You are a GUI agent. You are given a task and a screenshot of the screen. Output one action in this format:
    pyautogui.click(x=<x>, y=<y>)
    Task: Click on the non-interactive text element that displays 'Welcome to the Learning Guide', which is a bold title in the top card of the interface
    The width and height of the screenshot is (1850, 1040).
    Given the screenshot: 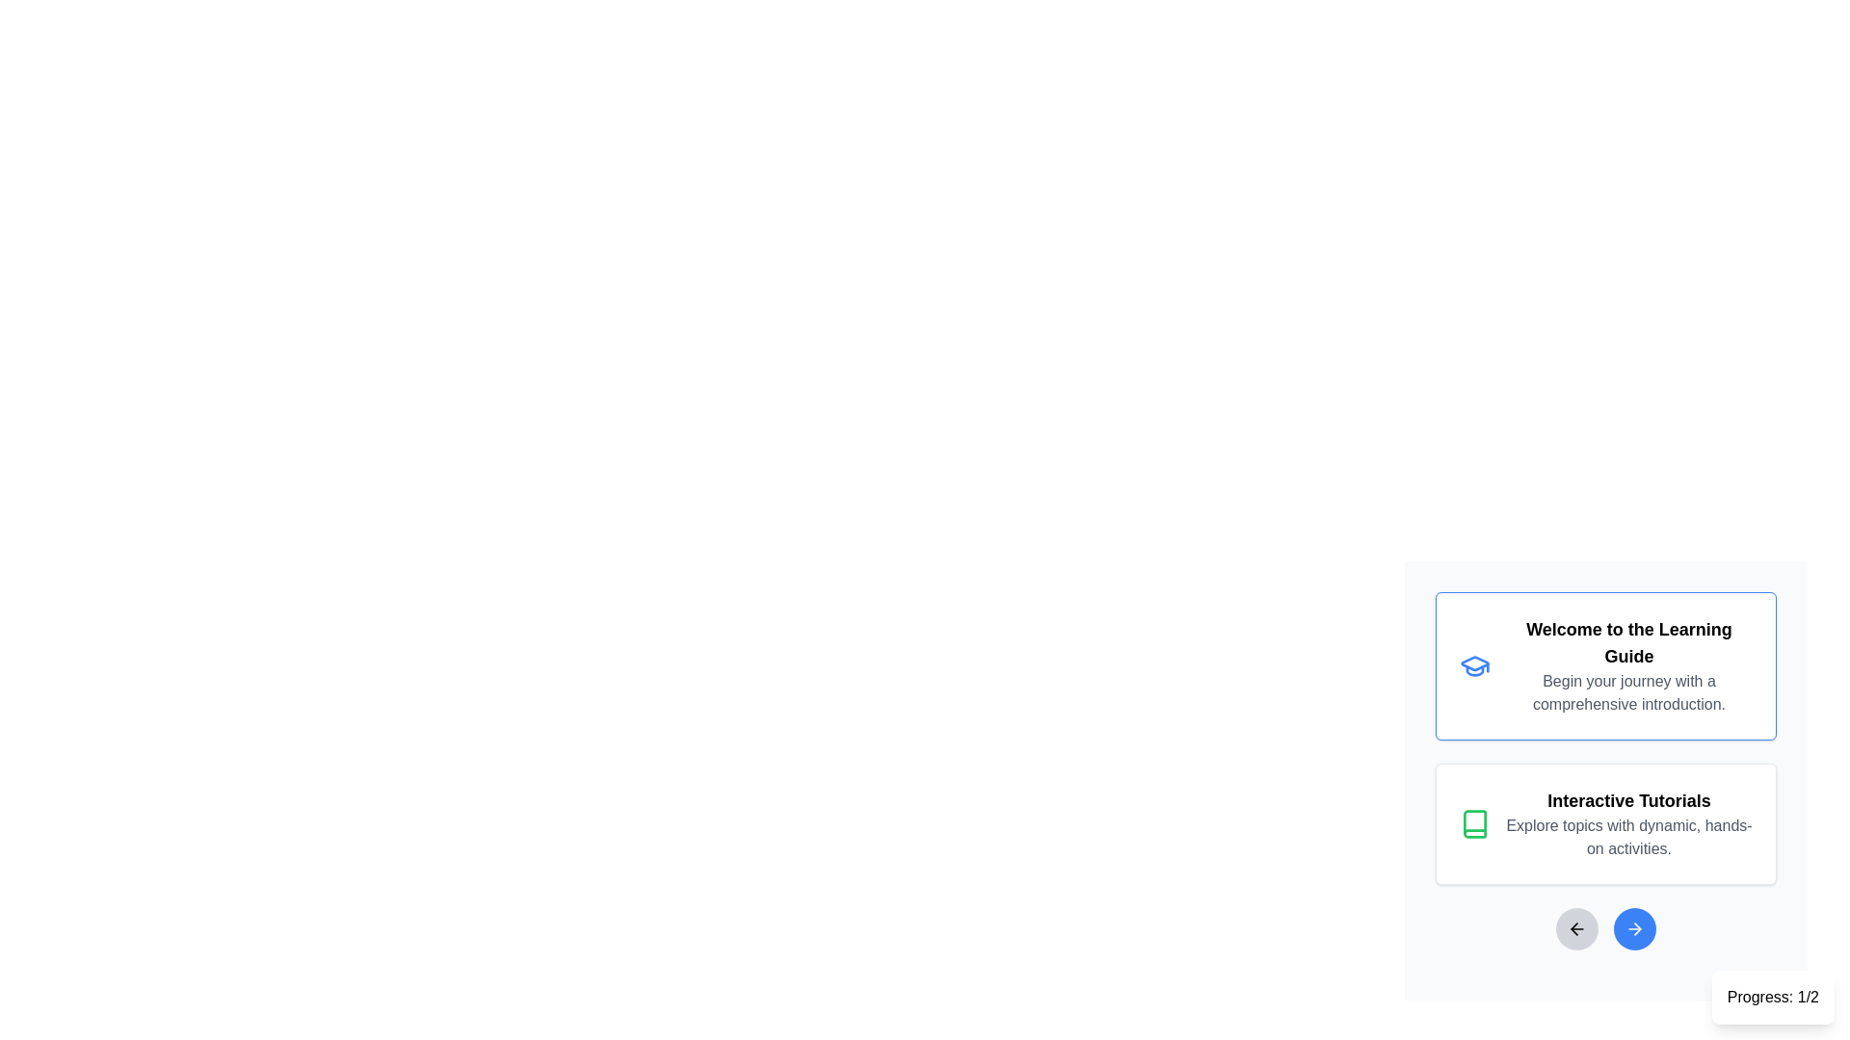 What is the action you would take?
    pyautogui.click(x=1627, y=642)
    